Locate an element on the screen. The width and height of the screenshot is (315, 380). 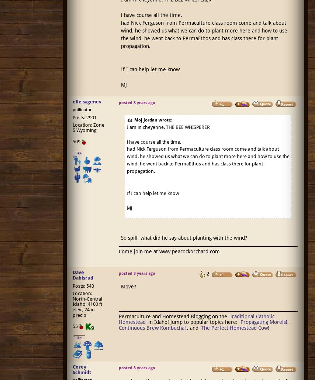
'in Idaho! Jump to popular topics here:' is located at coordinates (193, 321).